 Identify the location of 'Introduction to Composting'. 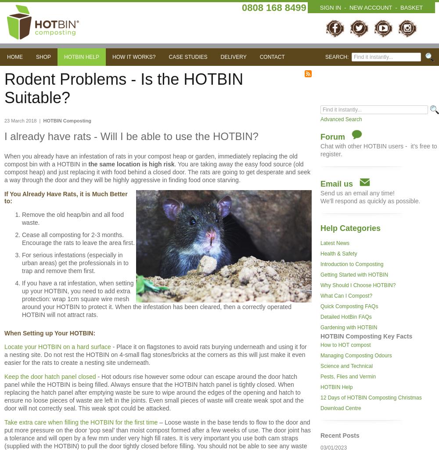
(320, 264).